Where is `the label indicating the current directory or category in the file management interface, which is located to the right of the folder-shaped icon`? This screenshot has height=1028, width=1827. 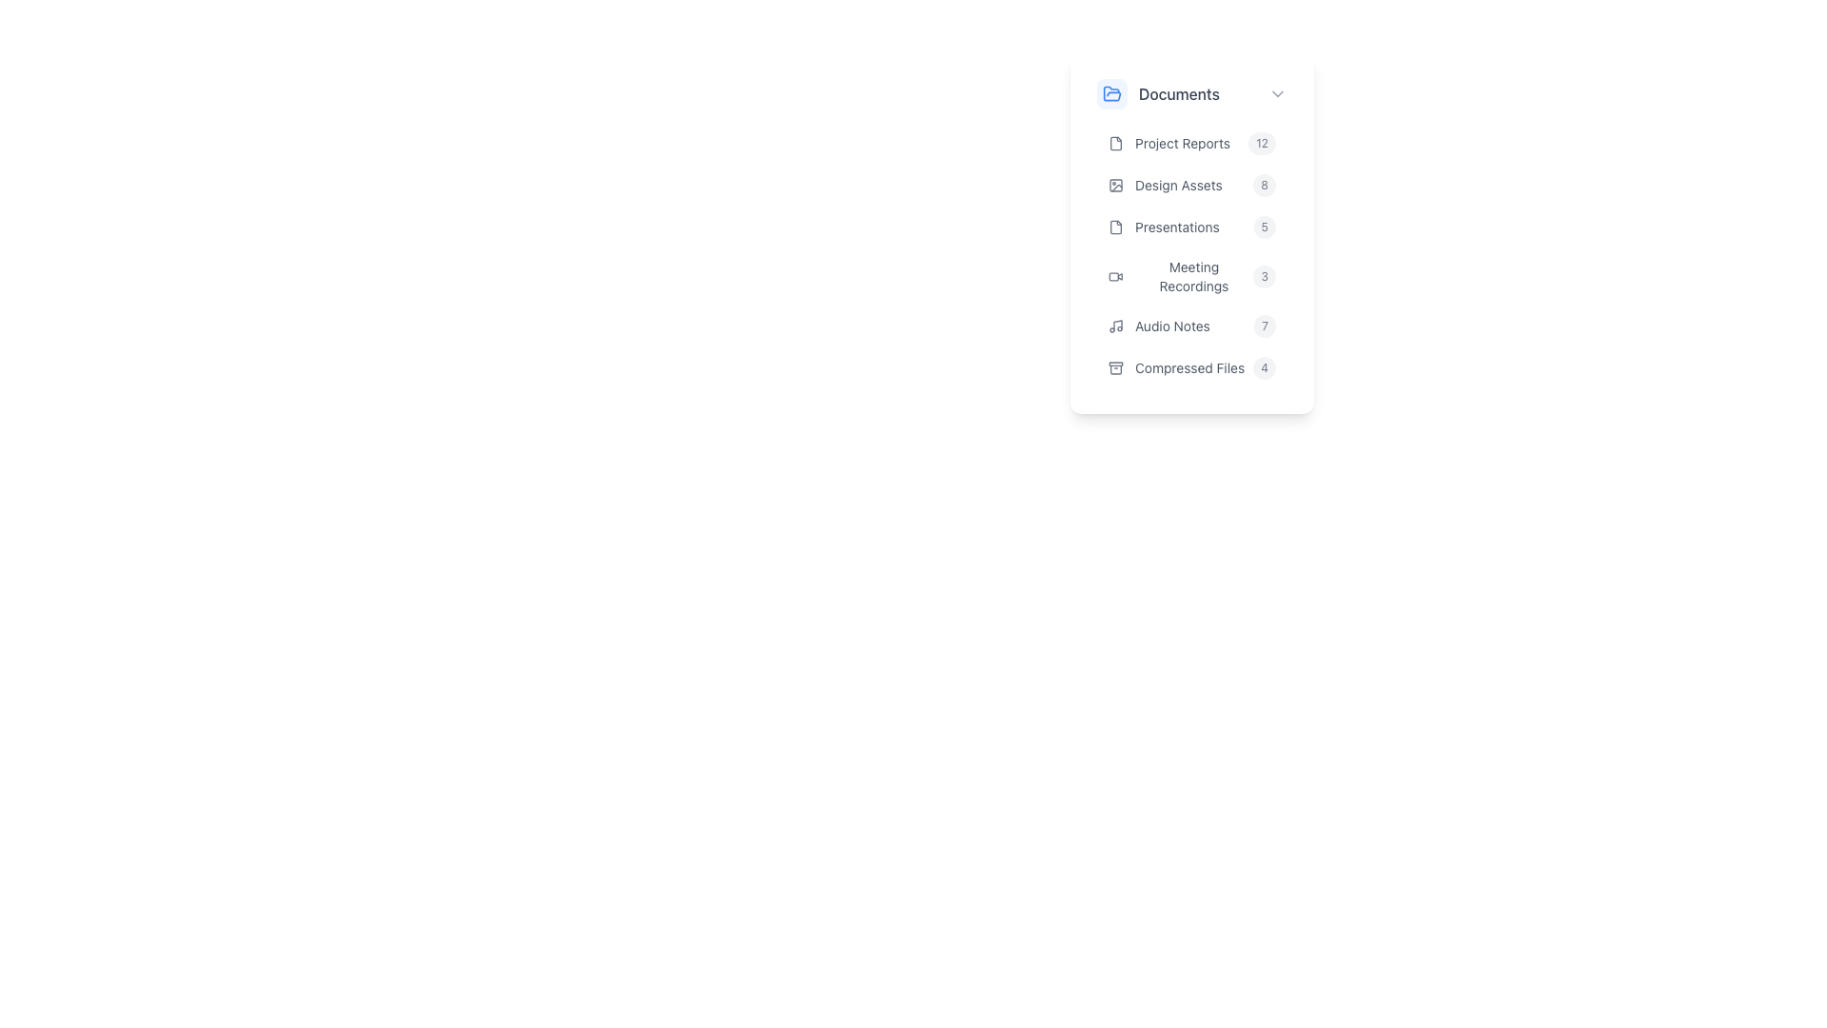
the label indicating the current directory or category in the file management interface, which is located to the right of the folder-shaped icon is located at coordinates (1178, 94).